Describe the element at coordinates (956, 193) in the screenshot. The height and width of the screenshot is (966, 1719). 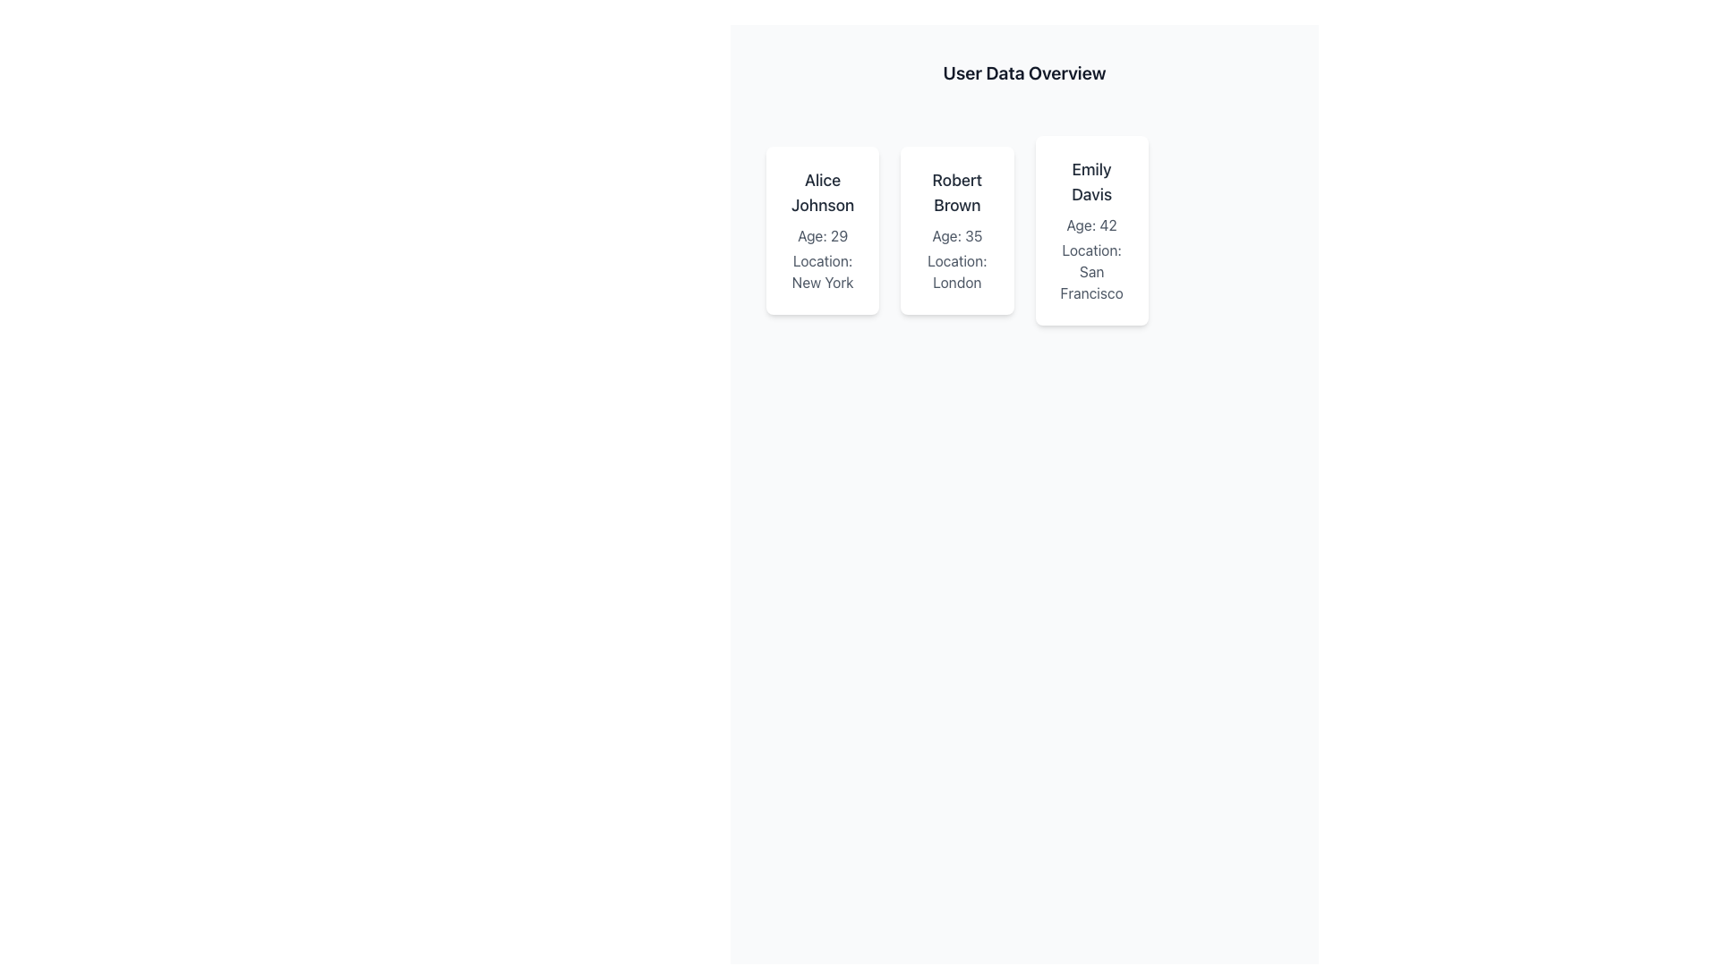
I see `information displayed in the text label showing 'Robert Brown', which is the title of a user profile card, located at the top of the profile card layout` at that location.